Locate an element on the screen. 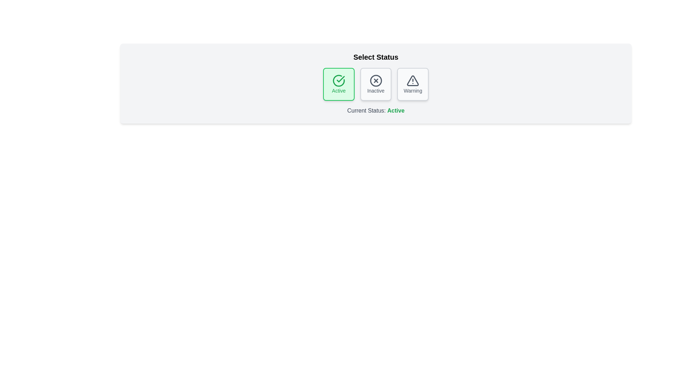 This screenshot has height=386, width=687. the button corresponding to the status Warning is located at coordinates (413, 84).